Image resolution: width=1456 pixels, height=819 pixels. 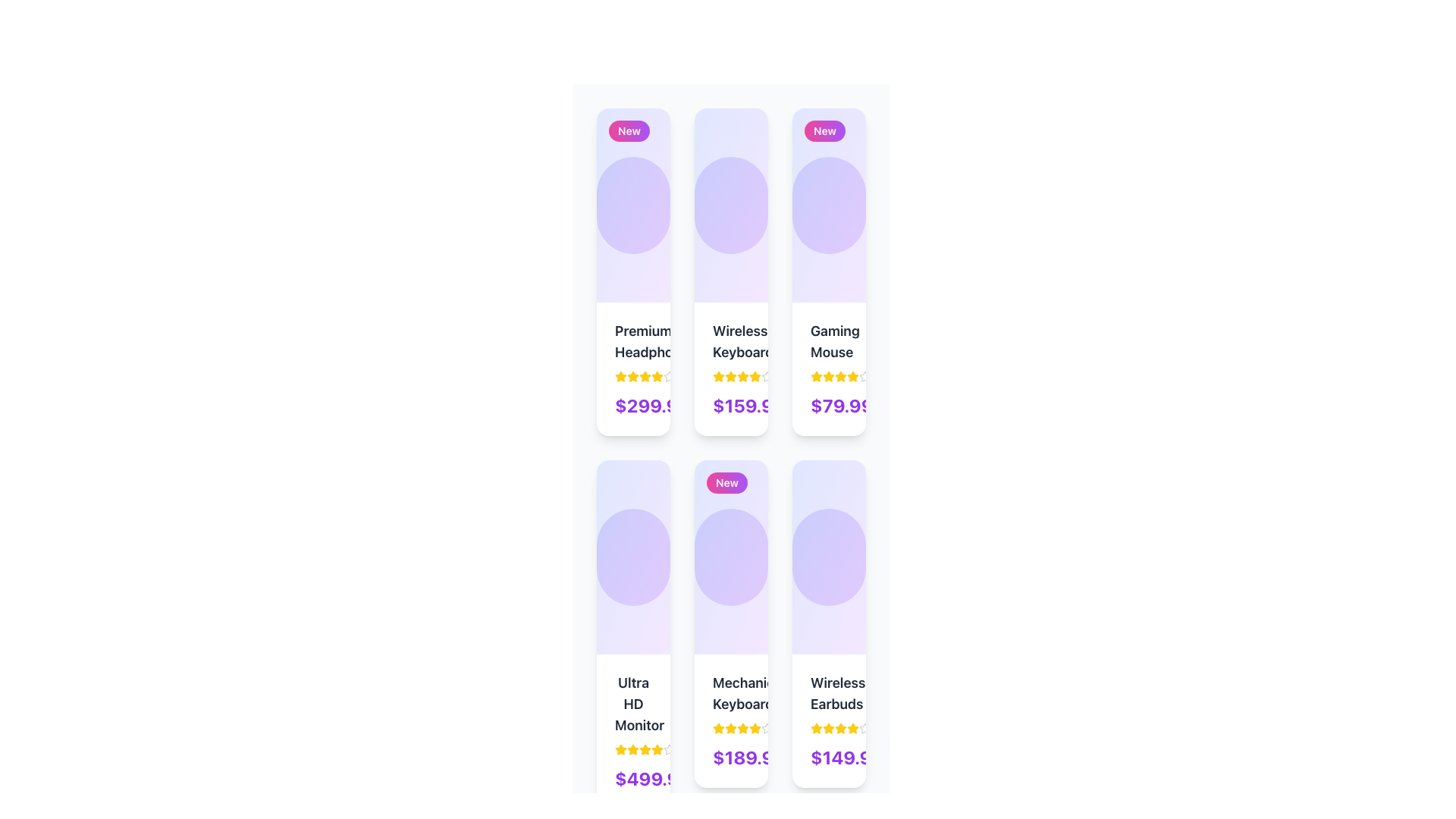 What do you see at coordinates (828, 557) in the screenshot?
I see `the decorative circular design element in the 'Wireless Earbuds' product card to navigate to the detailed view` at bounding box center [828, 557].